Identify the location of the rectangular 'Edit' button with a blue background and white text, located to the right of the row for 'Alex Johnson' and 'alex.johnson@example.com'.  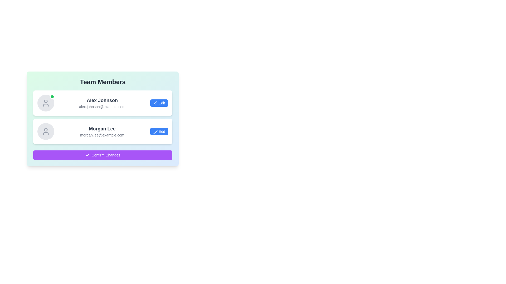
(159, 103).